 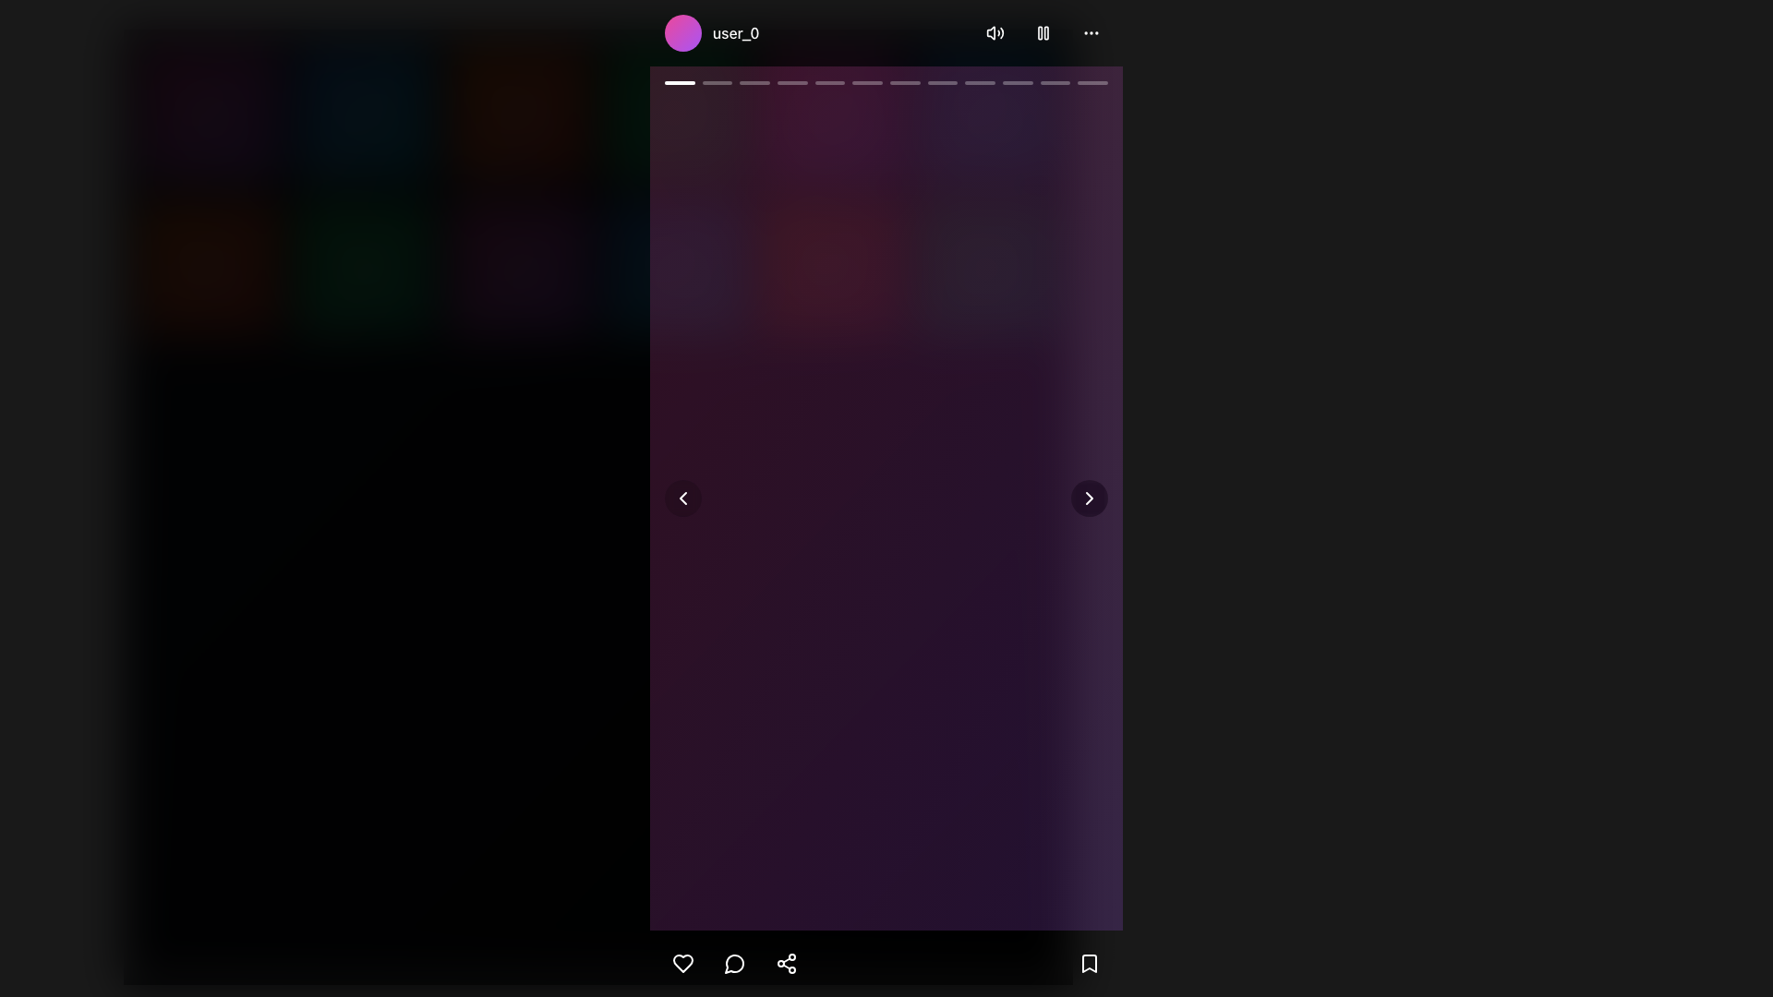 I want to click on the left vertical bar of the pause icon located in the top right corner of the application to interact with it, so click(x=1040, y=32).